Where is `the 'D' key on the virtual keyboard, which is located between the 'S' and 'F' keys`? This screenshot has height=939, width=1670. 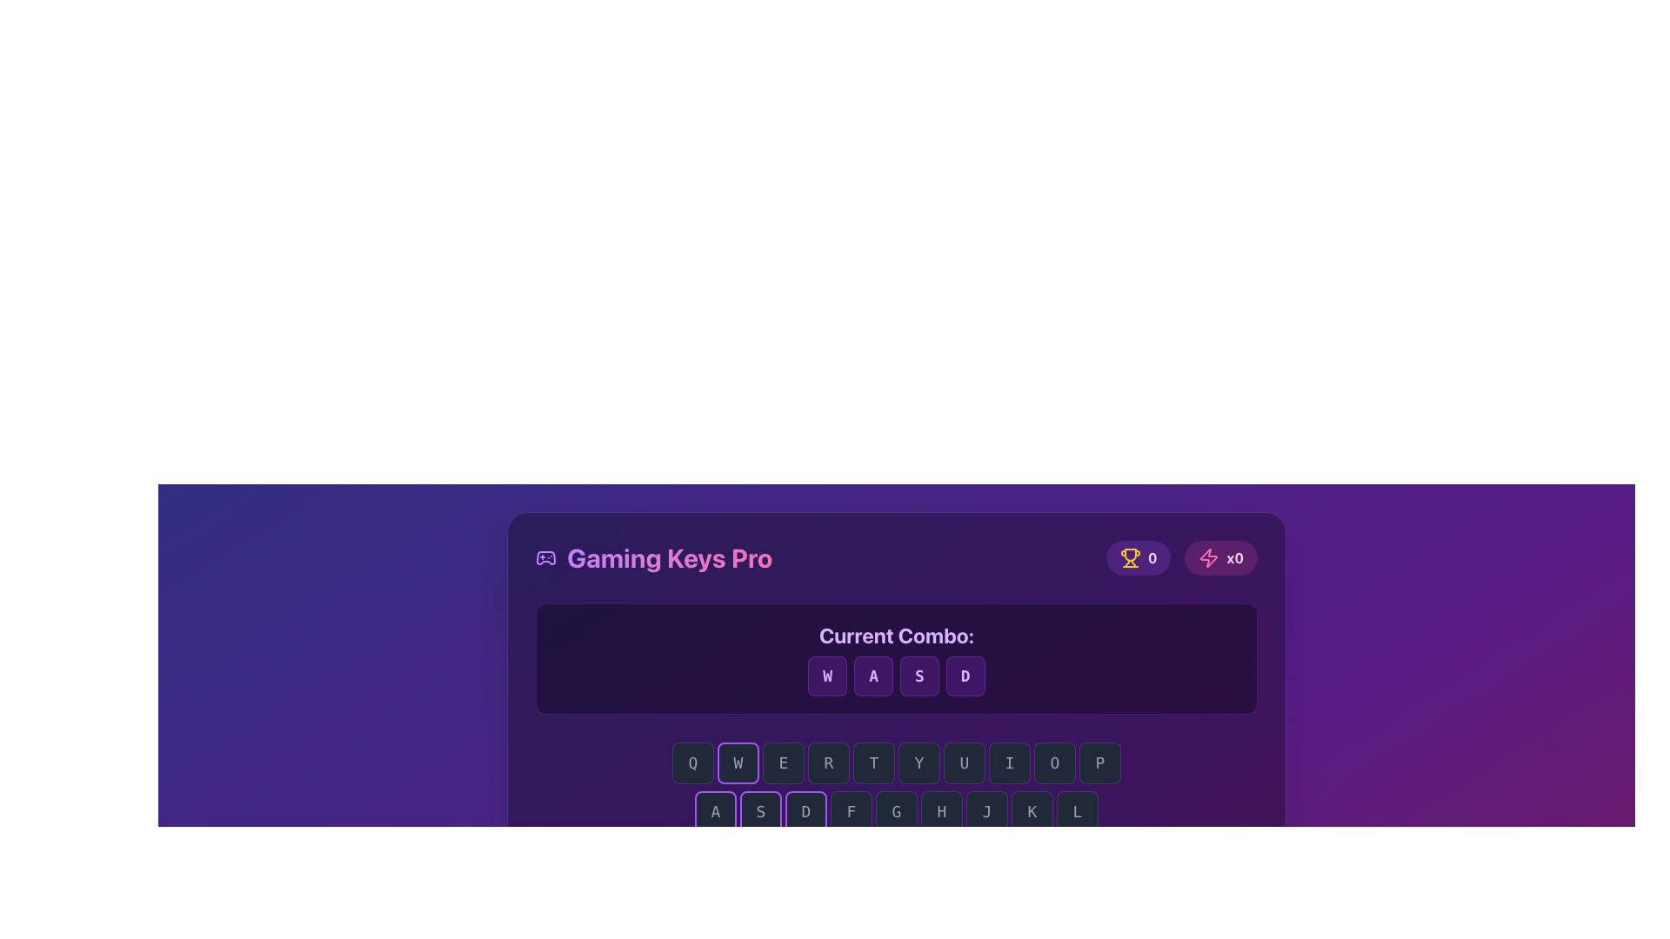
the 'D' key on the virtual keyboard, which is located between the 'S' and 'F' keys is located at coordinates (805, 811).